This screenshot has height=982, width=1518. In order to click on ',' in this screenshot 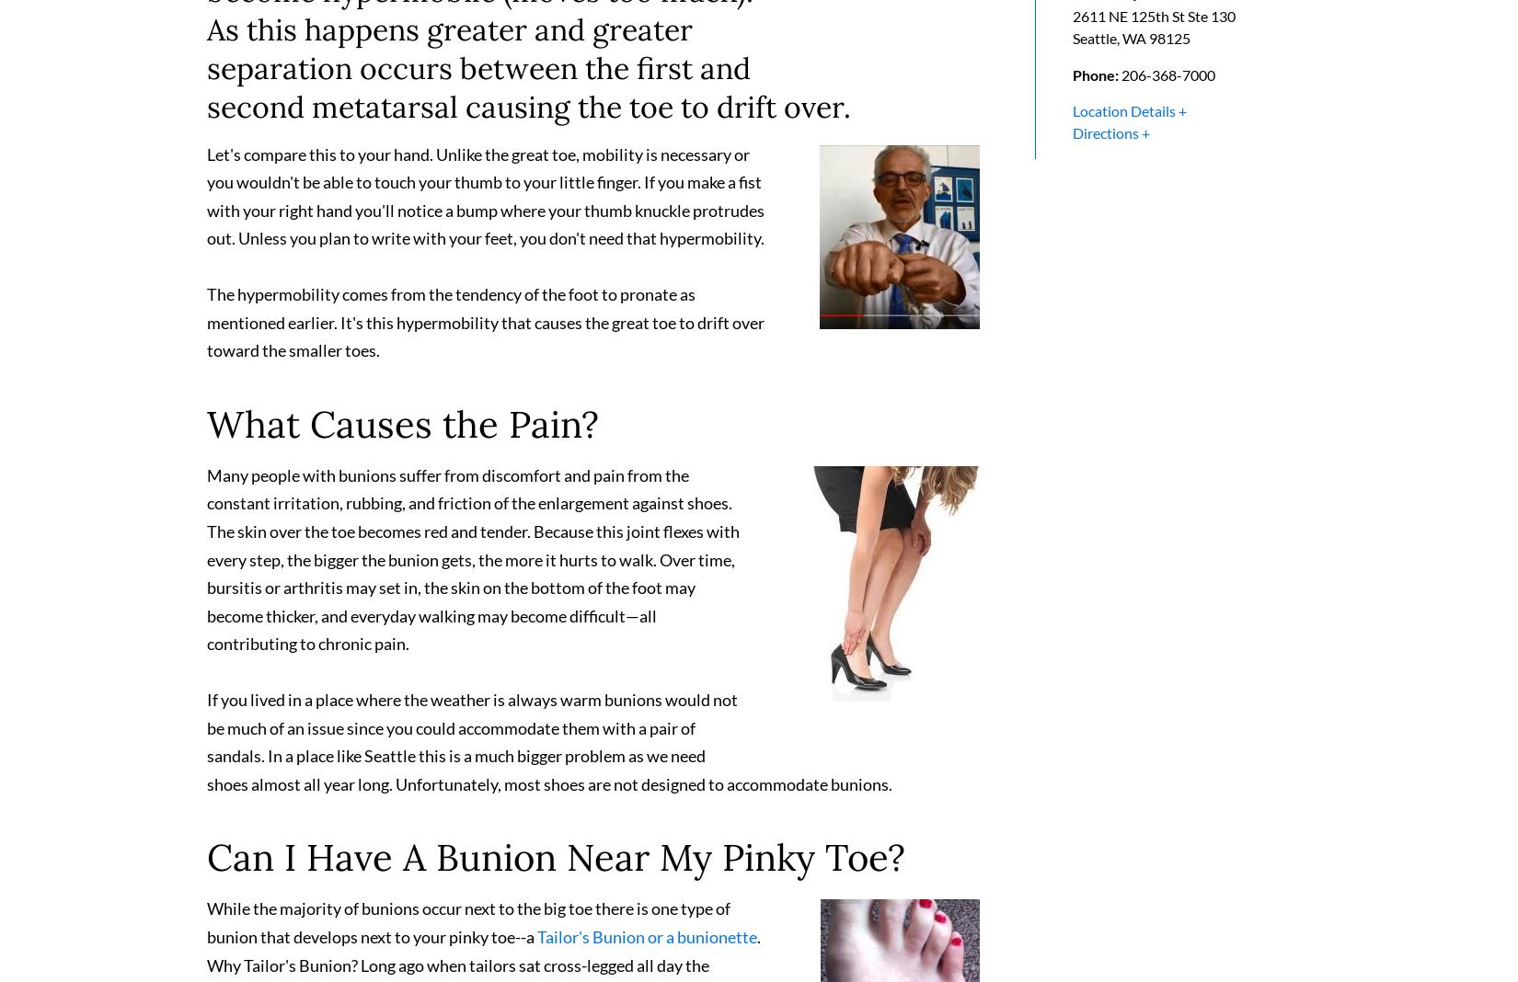, I will do `click(1120, 45)`.